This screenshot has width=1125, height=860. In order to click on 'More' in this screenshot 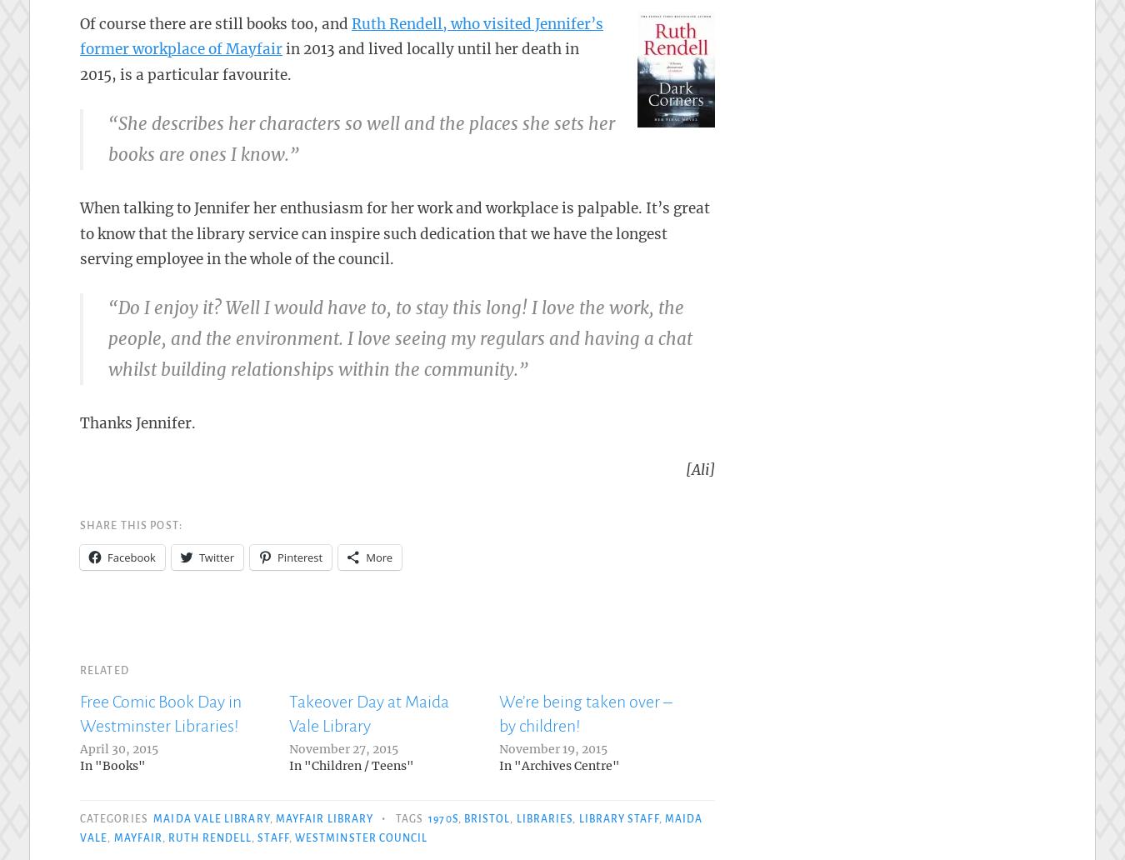, I will do `click(377, 557)`.